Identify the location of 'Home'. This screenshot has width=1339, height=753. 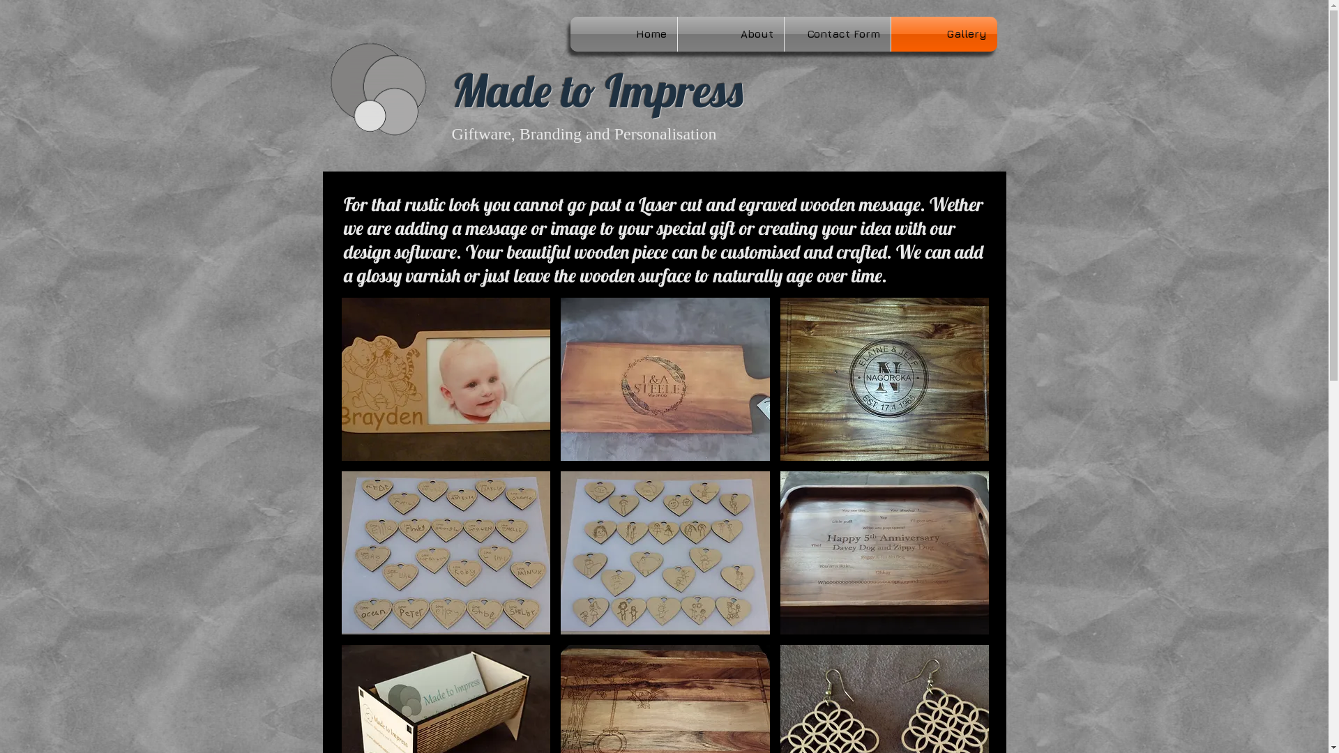
(623, 33).